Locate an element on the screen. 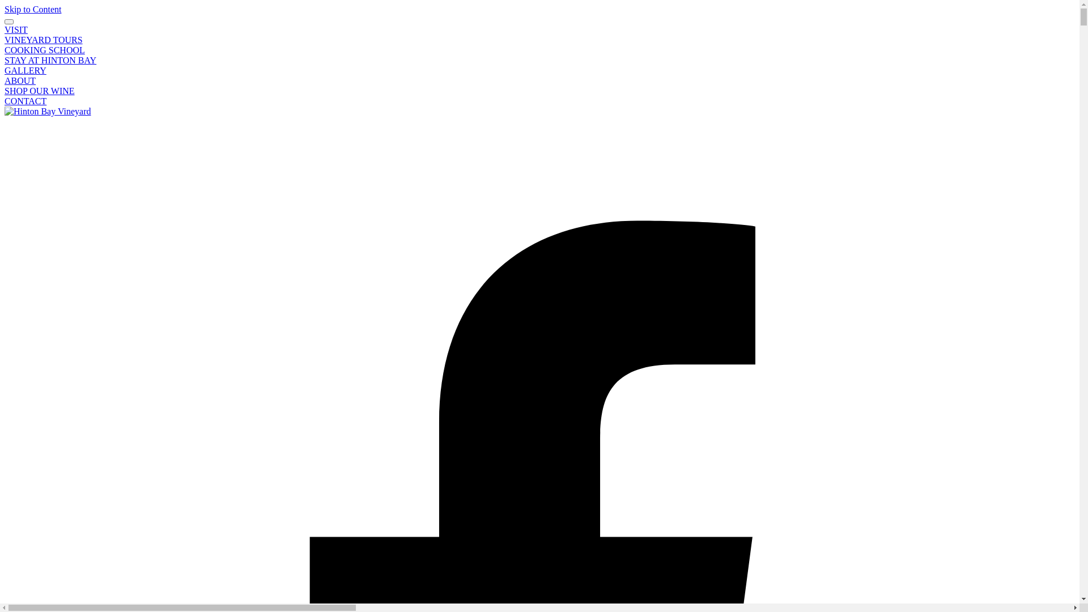  'ABOUT' is located at coordinates (20, 80).